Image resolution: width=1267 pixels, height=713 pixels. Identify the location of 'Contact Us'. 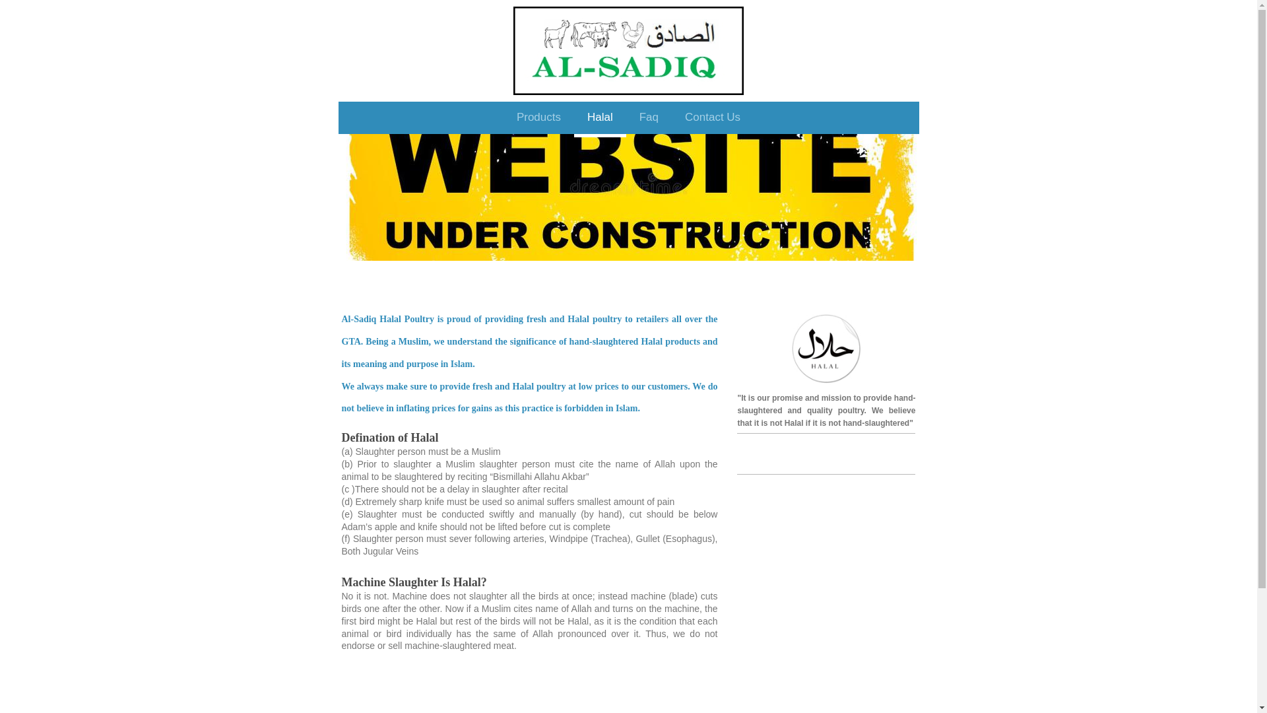
(712, 119).